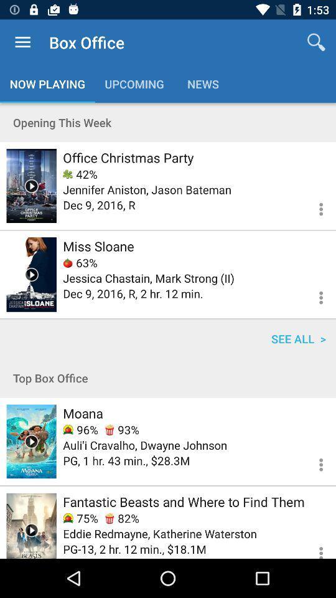 Image resolution: width=336 pixels, height=598 pixels. Describe the element at coordinates (122, 518) in the screenshot. I see `icon above eddie redmayne katherine item` at that location.